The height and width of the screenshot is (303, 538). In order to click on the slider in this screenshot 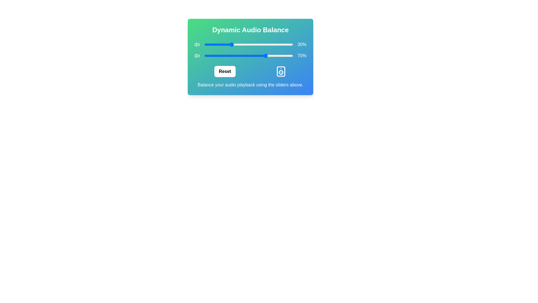, I will do `click(237, 44)`.